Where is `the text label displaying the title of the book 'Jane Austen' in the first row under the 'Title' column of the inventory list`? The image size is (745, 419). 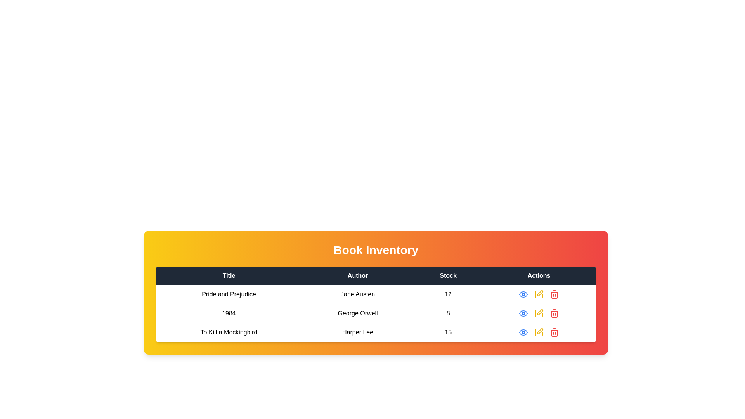
the text label displaying the title of the book 'Jane Austen' in the first row under the 'Title' column of the inventory list is located at coordinates (229, 294).